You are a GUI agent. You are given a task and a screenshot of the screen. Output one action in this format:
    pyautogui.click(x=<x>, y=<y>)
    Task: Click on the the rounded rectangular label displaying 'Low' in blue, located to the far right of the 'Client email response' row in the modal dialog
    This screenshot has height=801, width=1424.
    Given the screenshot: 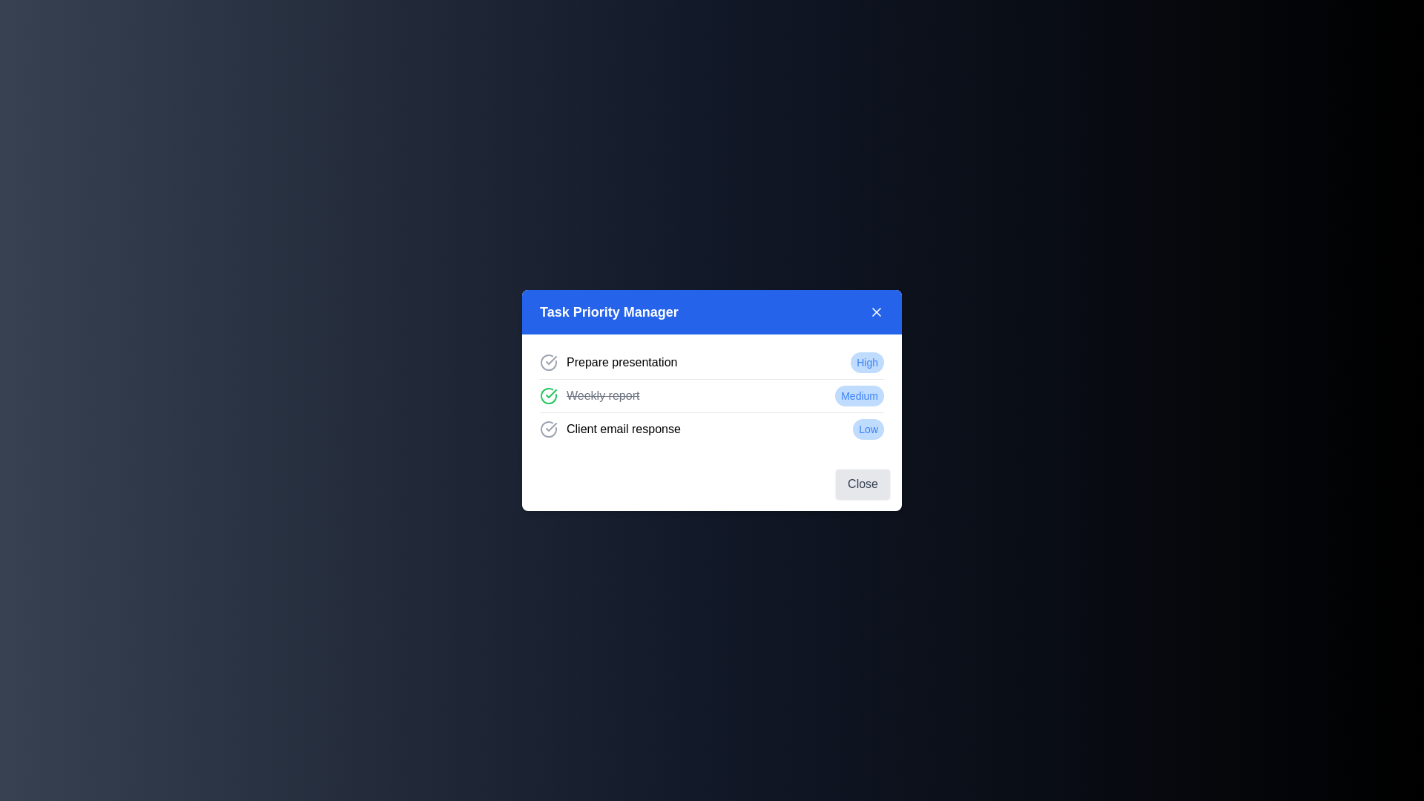 What is the action you would take?
    pyautogui.click(x=868, y=429)
    